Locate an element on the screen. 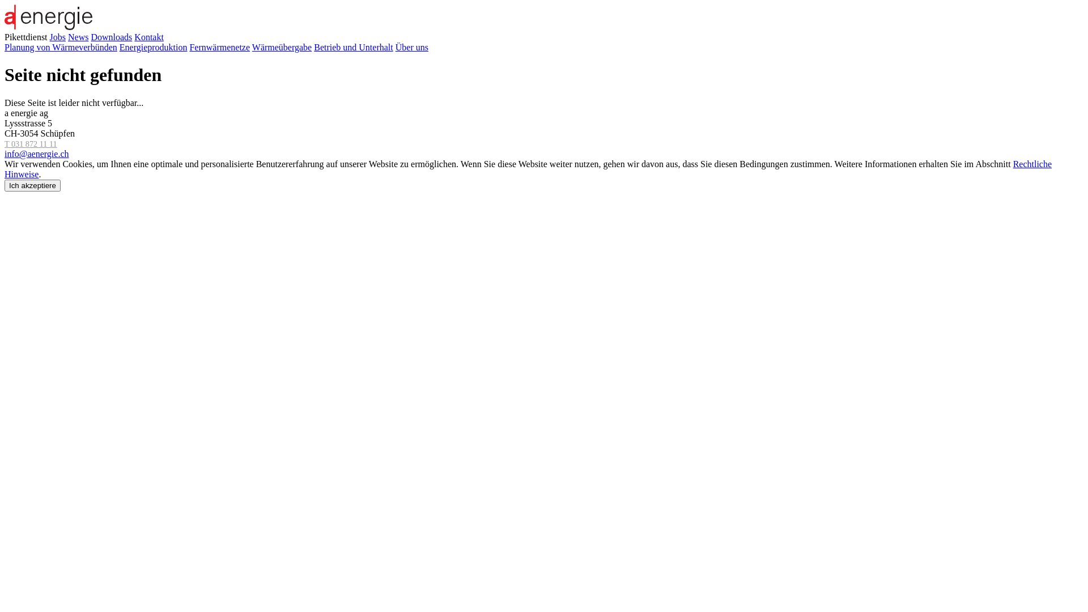 Image resolution: width=1088 pixels, height=612 pixels. 'Rechtliche Hinweise' is located at coordinates (527, 169).